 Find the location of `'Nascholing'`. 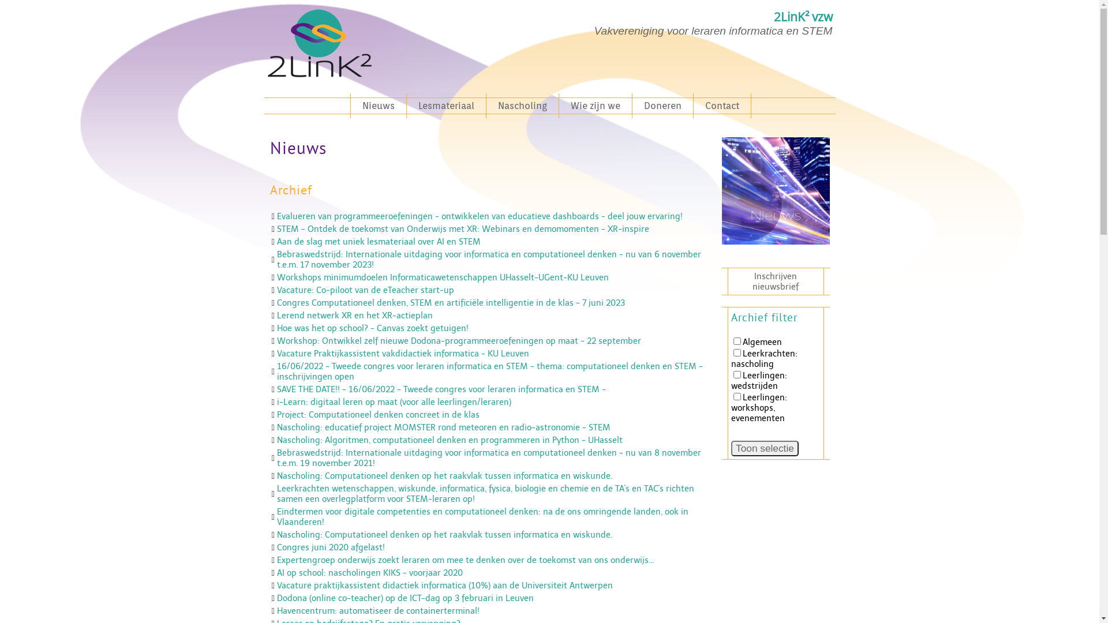

'Nascholing' is located at coordinates (522, 106).